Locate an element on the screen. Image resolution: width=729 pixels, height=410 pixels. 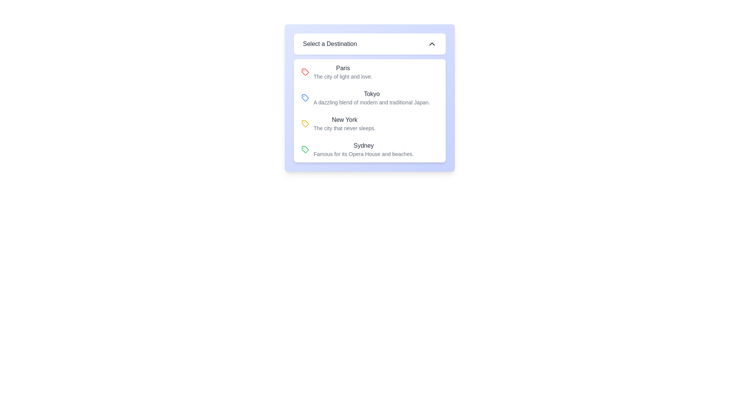
the text label for 'Tokyo', which is the second item in the selection menu of destinations under the panel titled 'Select a Destination' is located at coordinates (372, 93).